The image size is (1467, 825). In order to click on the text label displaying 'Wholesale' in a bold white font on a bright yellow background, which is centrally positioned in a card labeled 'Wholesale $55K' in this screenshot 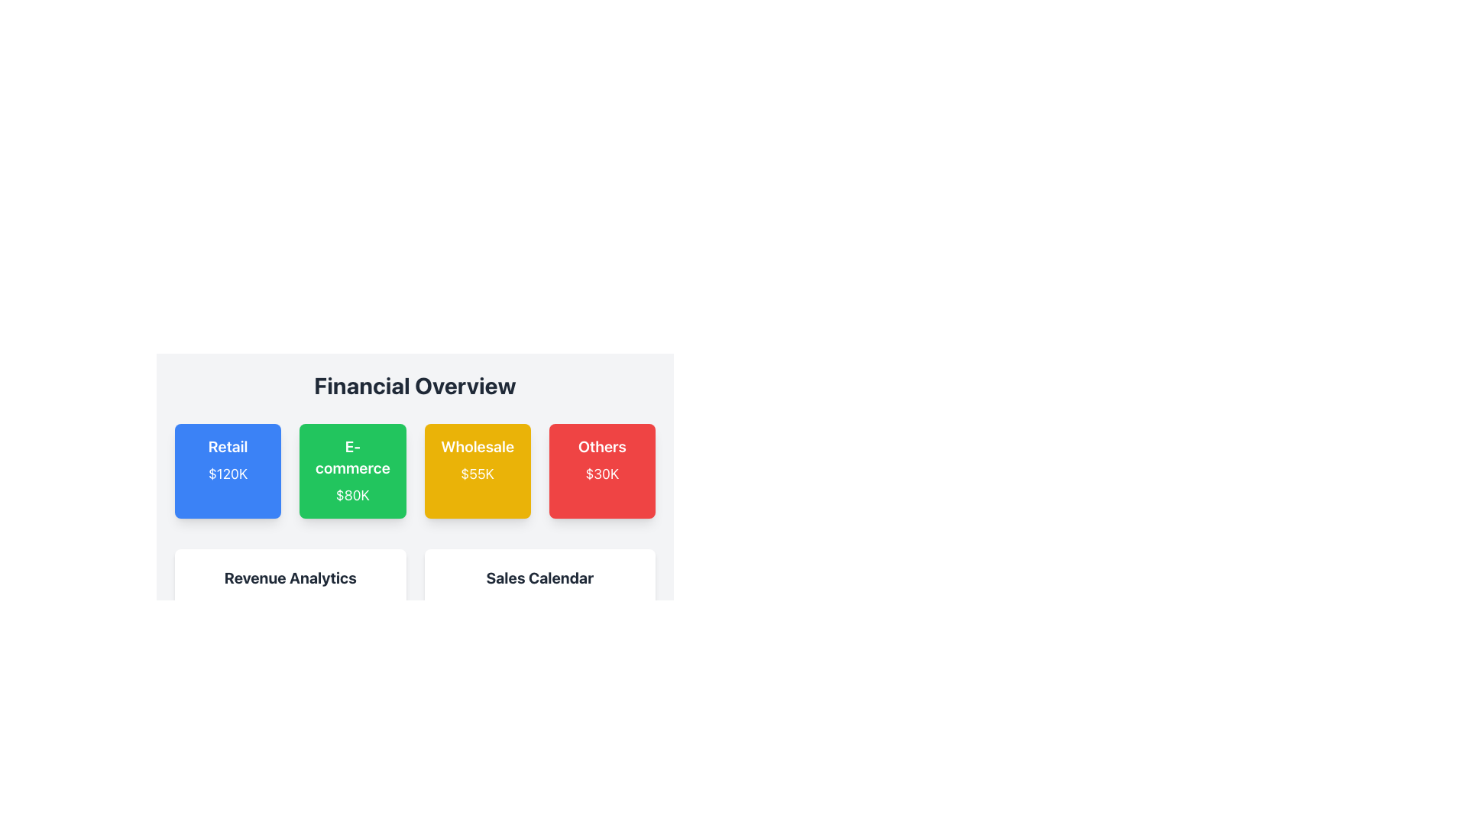, I will do `click(477, 447)`.